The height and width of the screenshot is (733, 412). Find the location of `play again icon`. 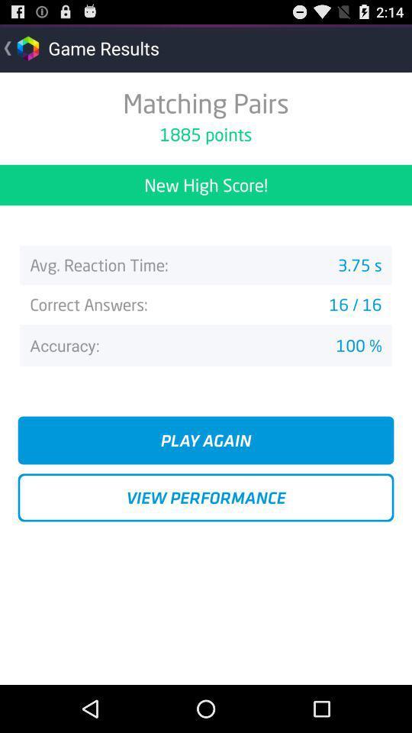

play again icon is located at coordinates (206, 440).